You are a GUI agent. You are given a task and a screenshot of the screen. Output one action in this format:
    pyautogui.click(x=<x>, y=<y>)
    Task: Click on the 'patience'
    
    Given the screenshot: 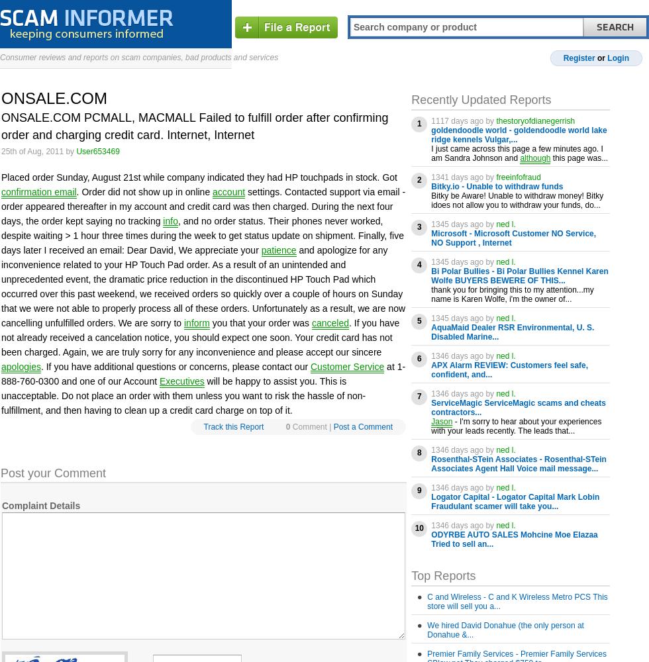 What is the action you would take?
    pyautogui.click(x=278, y=250)
    